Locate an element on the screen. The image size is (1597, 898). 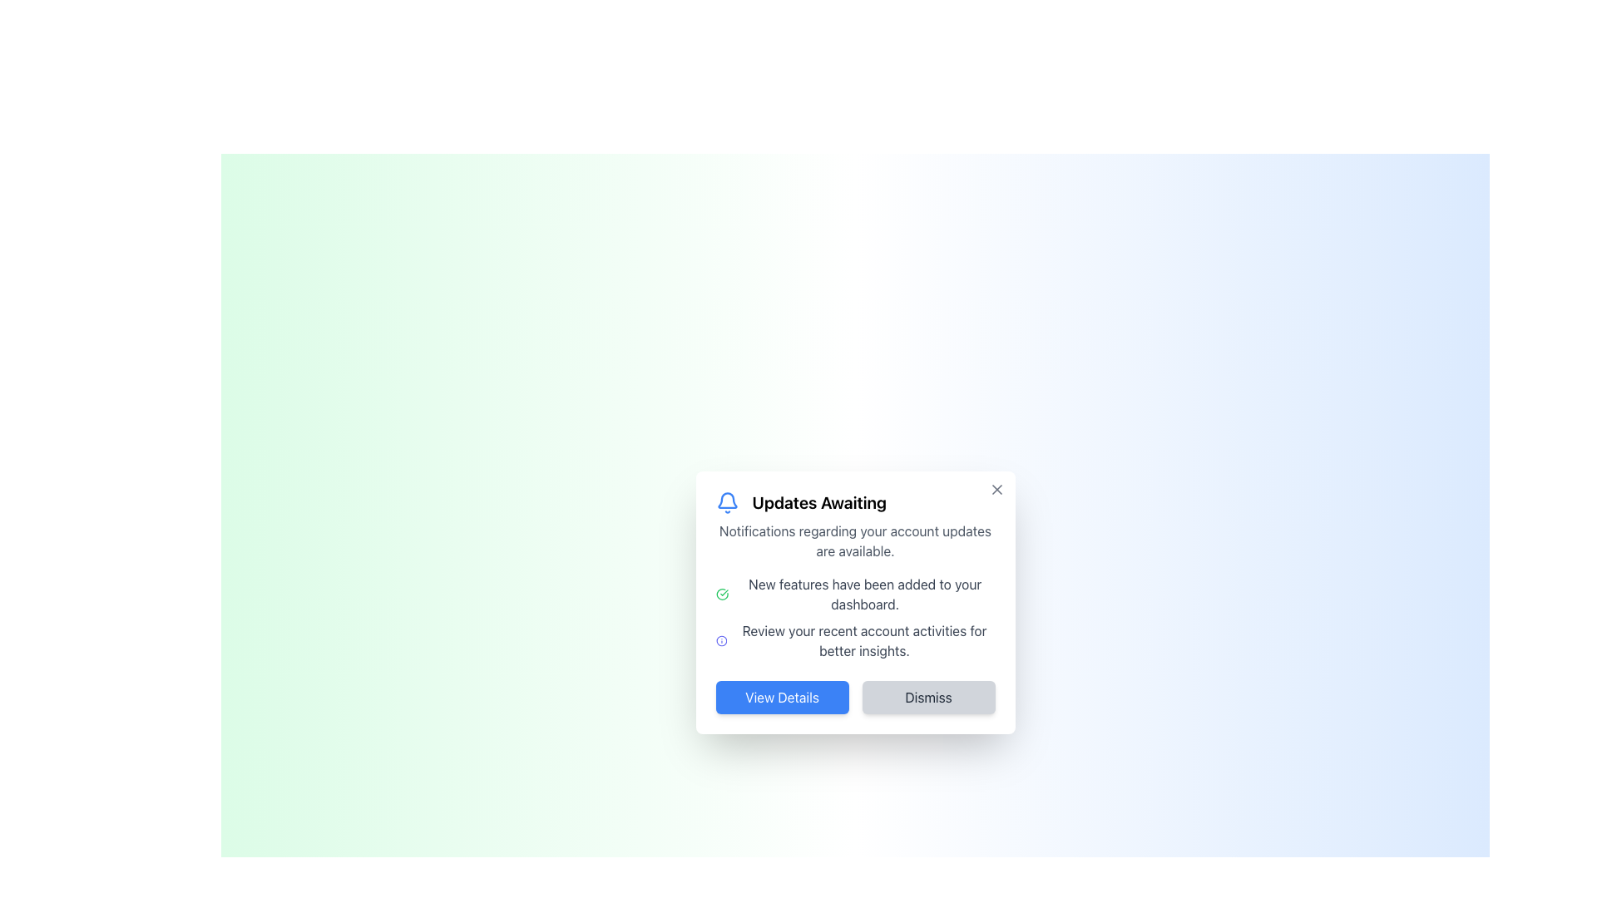
the 'X' icon at the top-right corner of the modal dialog box is located at coordinates (996, 489).